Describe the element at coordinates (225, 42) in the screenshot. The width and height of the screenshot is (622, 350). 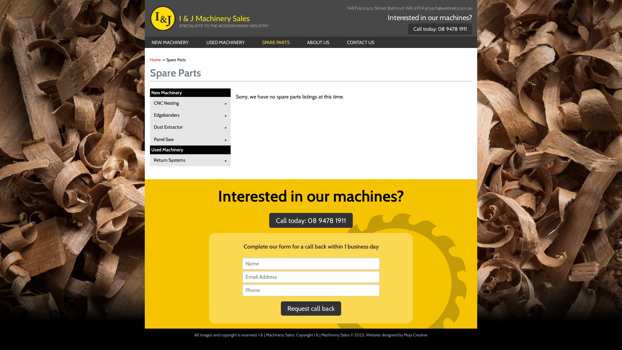
I see `'USED MACHINERY'` at that location.